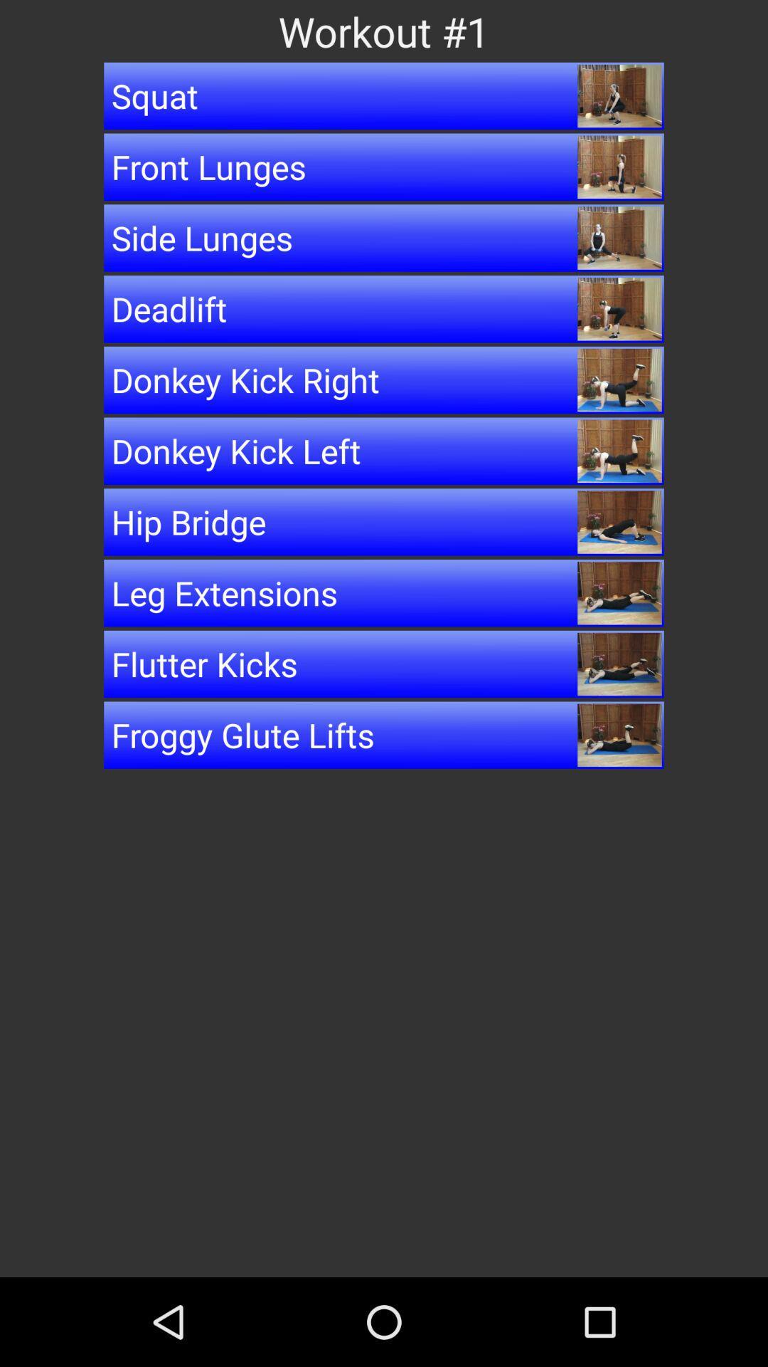 Image resolution: width=768 pixels, height=1367 pixels. Describe the element at coordinates (384, 238) in the screenshot. I see `the button above the deadlift` at that location.